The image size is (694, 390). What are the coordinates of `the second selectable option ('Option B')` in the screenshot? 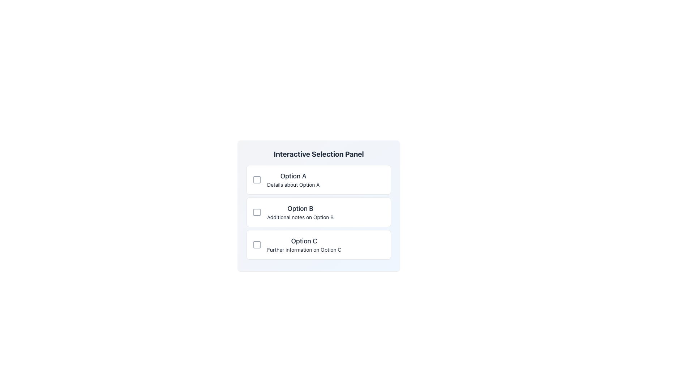 It's located at (318, 206).